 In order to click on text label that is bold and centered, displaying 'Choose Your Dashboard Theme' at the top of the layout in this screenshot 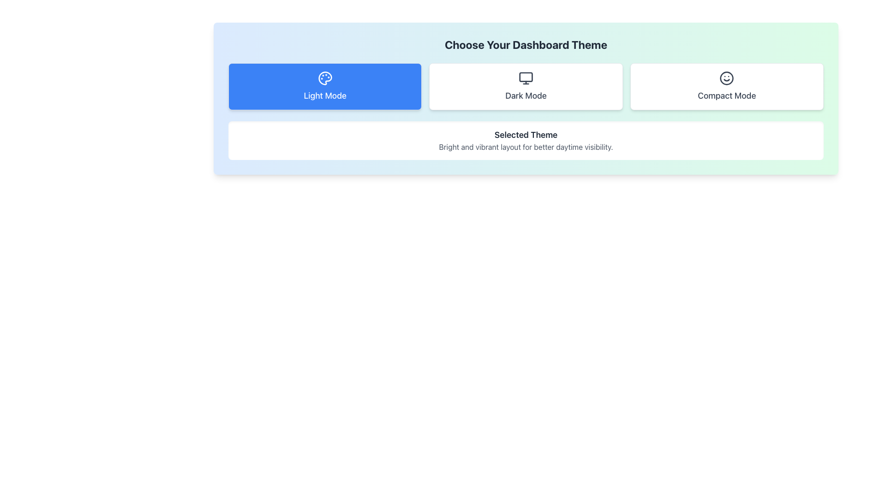, I will do `click(526, 44)`.